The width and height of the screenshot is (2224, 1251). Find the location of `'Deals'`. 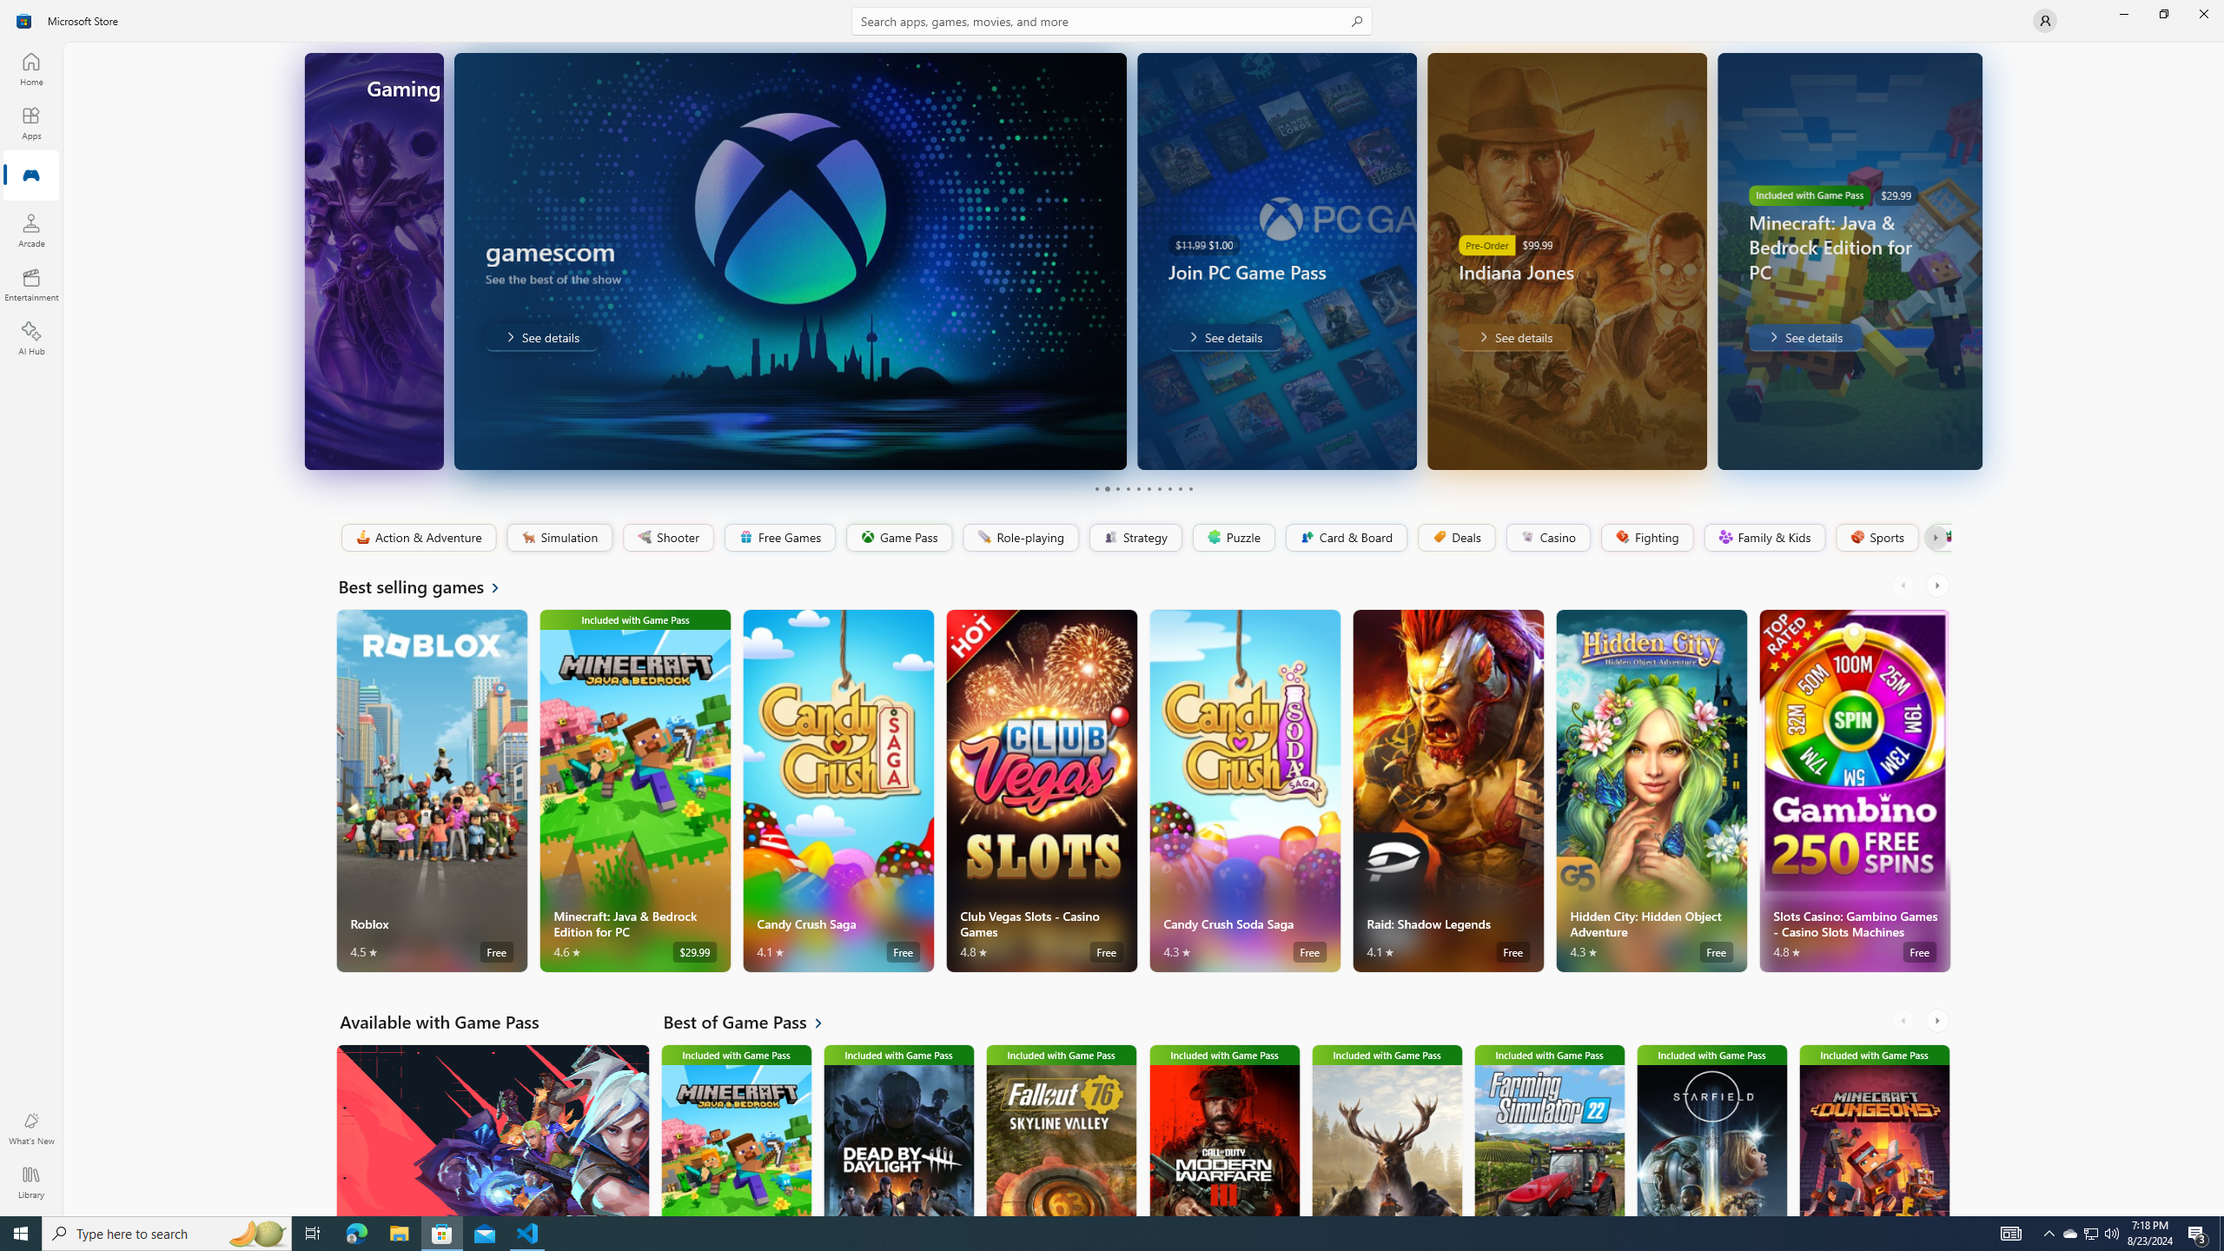

'Deals' is located at coordinates (1455, 537).